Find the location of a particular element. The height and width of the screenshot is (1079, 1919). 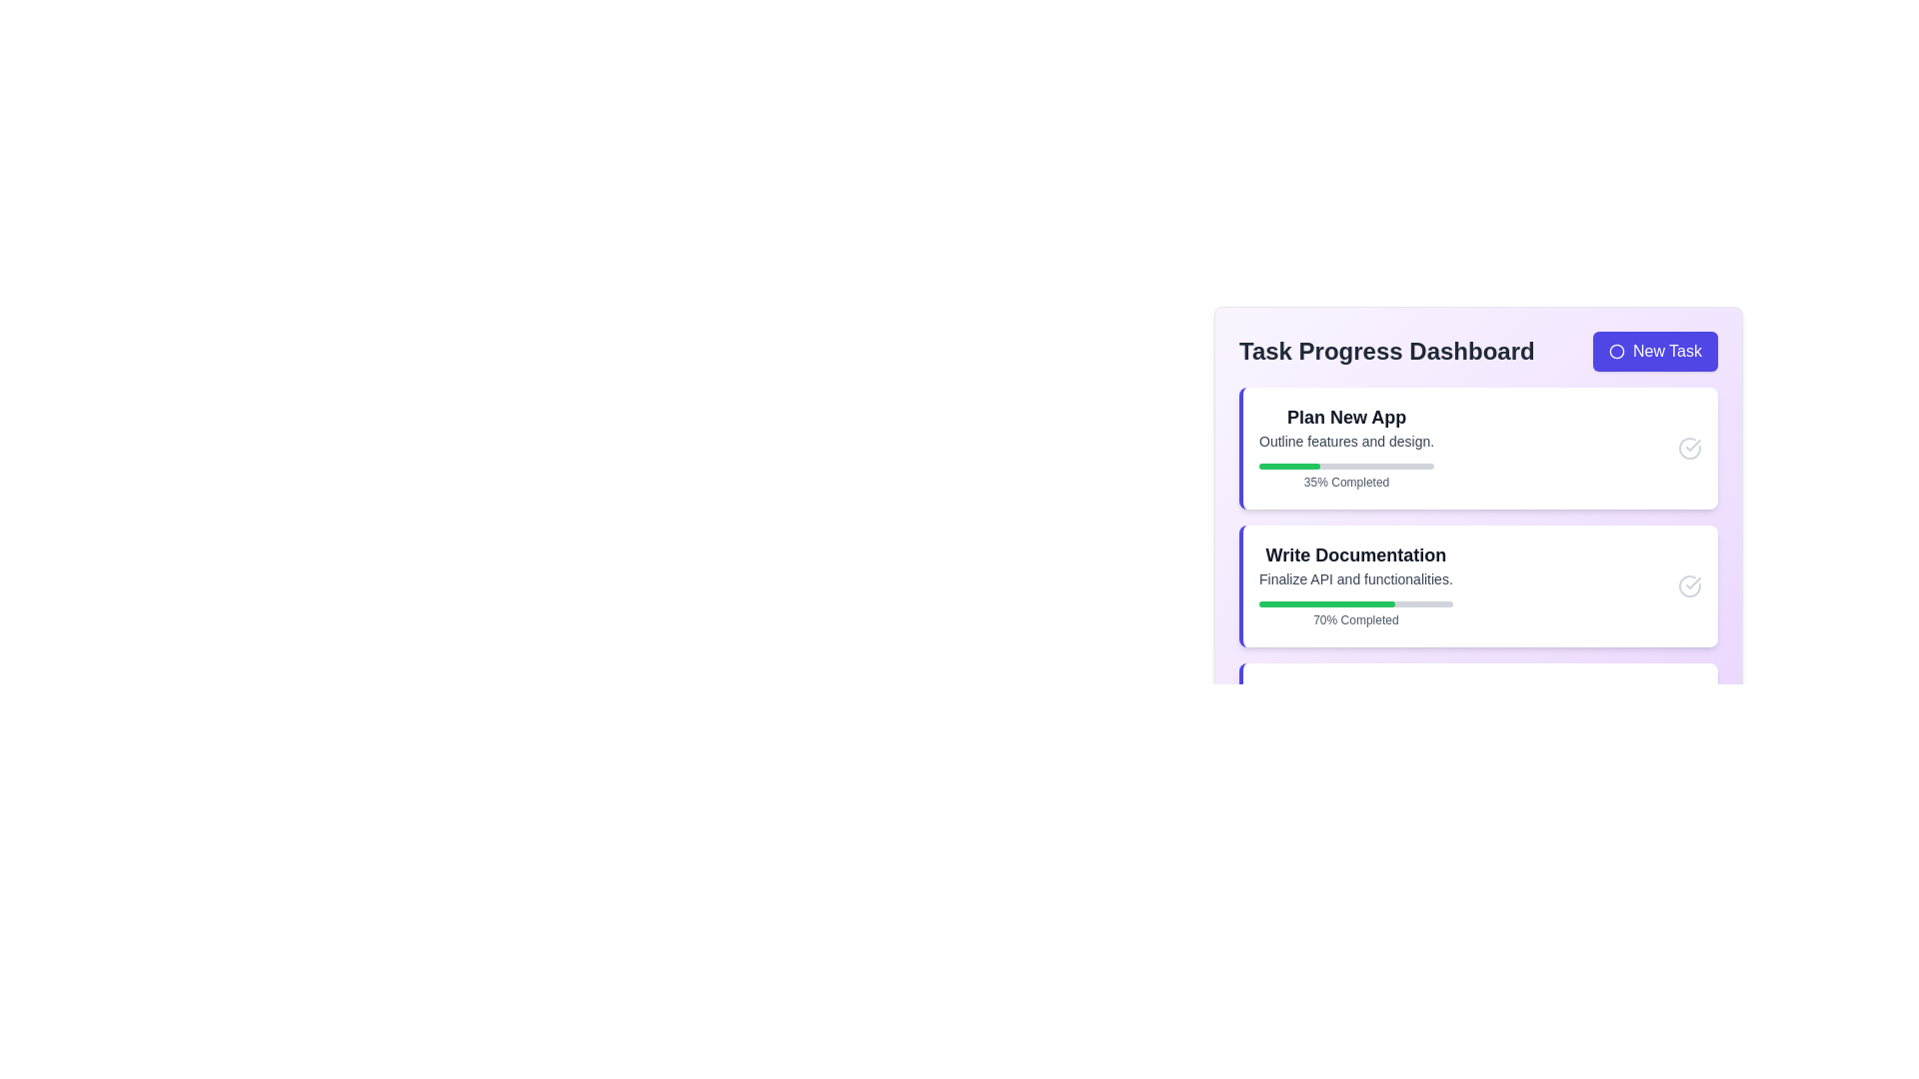

the green progress indicator bar representing 35% completion for the task 'Plan New App' within the progress line is located at coordinates (1289, 466).